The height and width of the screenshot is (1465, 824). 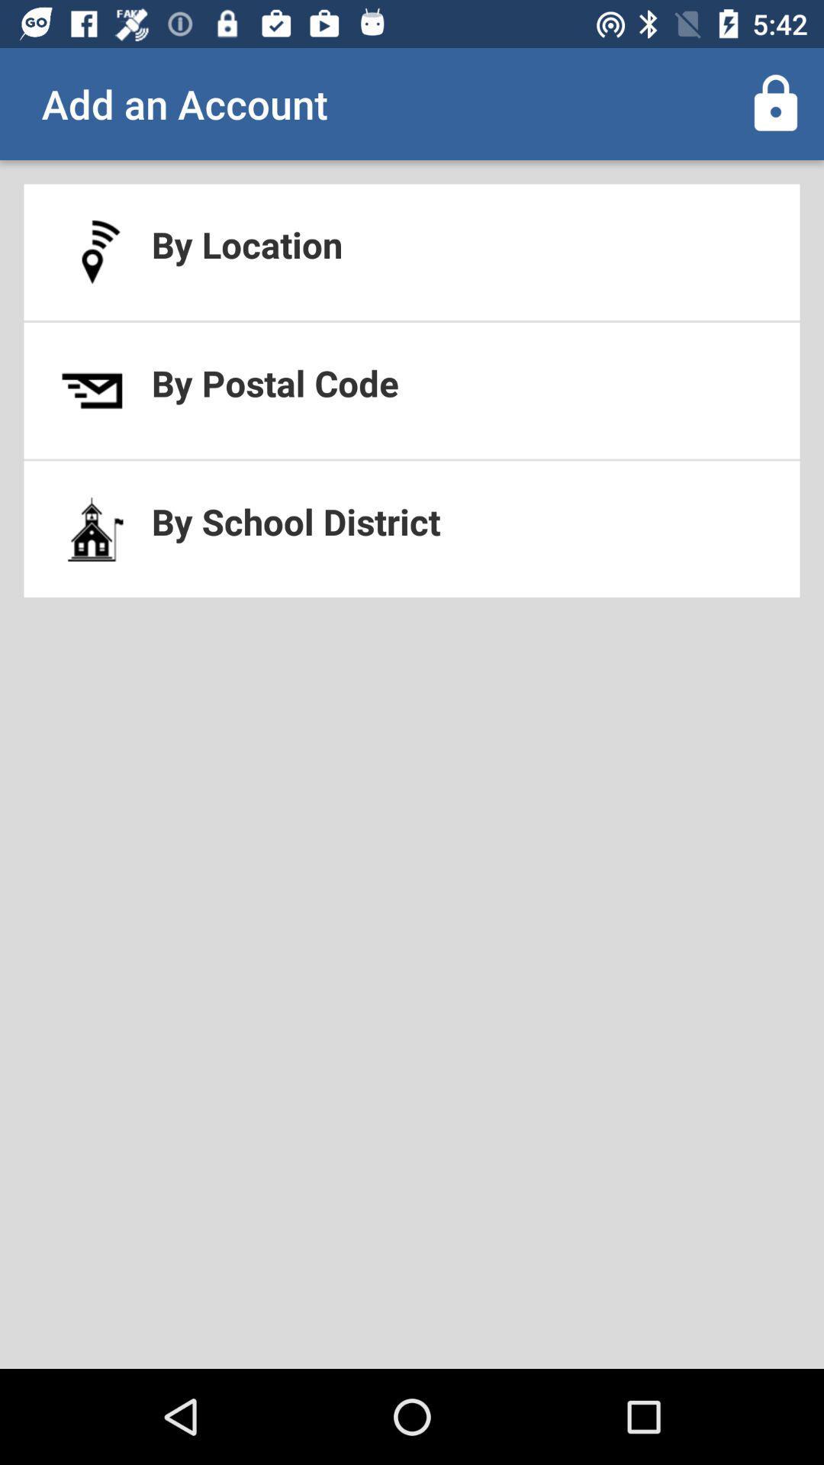 What do you see at coordinates (776, 103) in the screenshot?
I see `icon next to the  add an account app` at bounding box center [776, 103].